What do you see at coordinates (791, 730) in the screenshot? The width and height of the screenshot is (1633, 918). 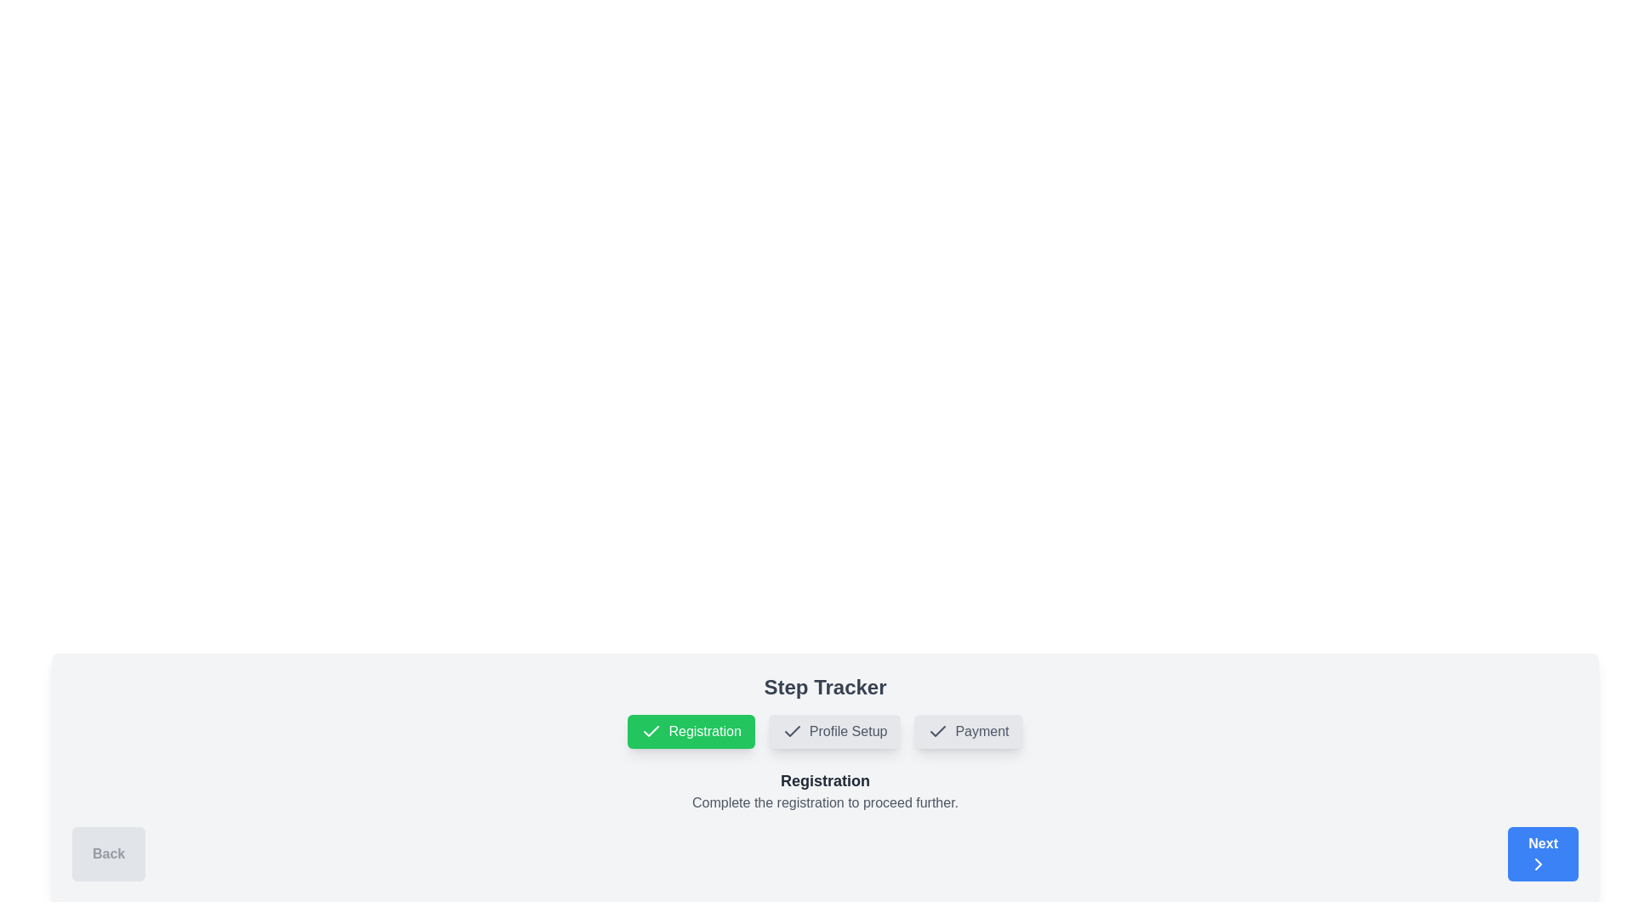 I see `the check icon that indicates the completion of the 'Profile Setup' step in the step tracker interface, located to the left of 'Profile Setup' text` at bounding box center [791, 730].